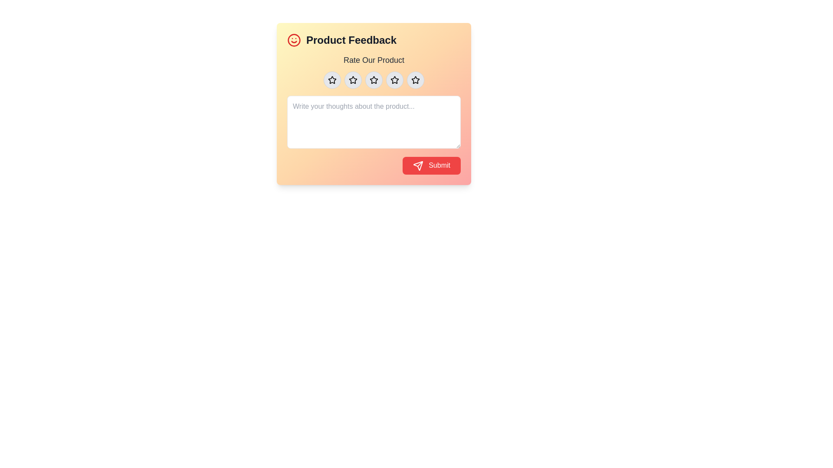  Describe the element at coordinates (351, 40) in the screenshot. I see `the 'Product Feedback' text label, which is styled as a prominent heading in a bold, dark-gray font, located to the right of a smiley face icon` at that location.